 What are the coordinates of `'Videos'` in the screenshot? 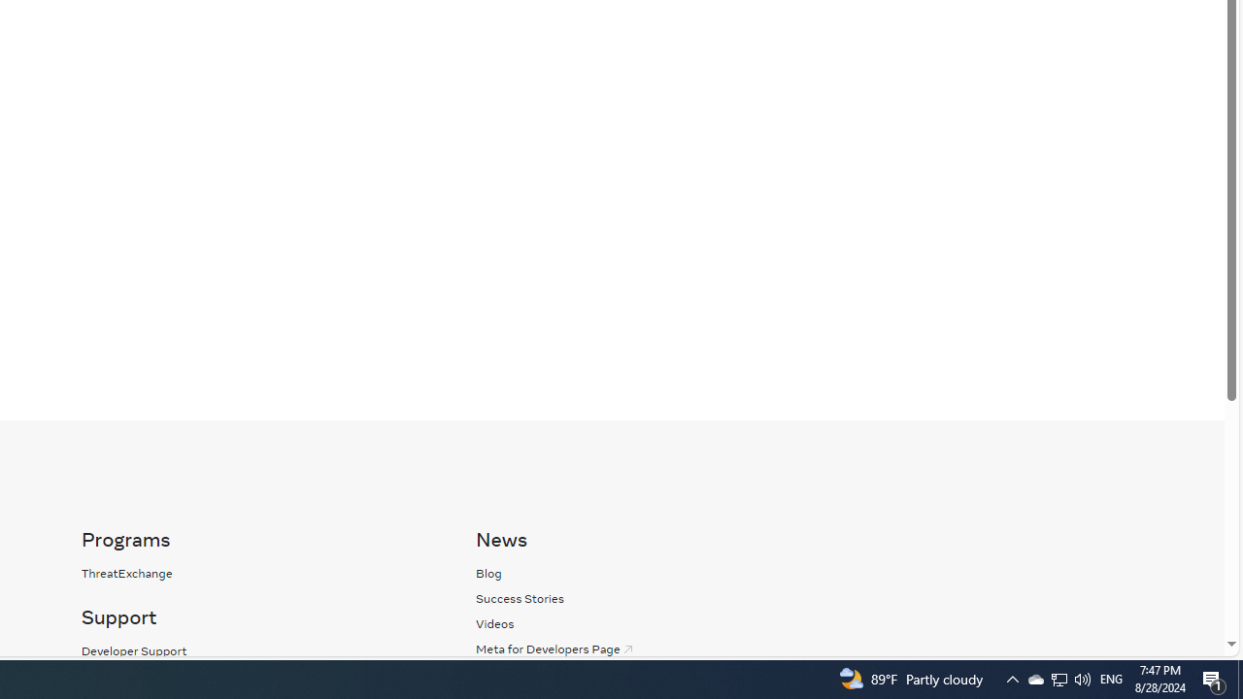 It's located at (653, 623).